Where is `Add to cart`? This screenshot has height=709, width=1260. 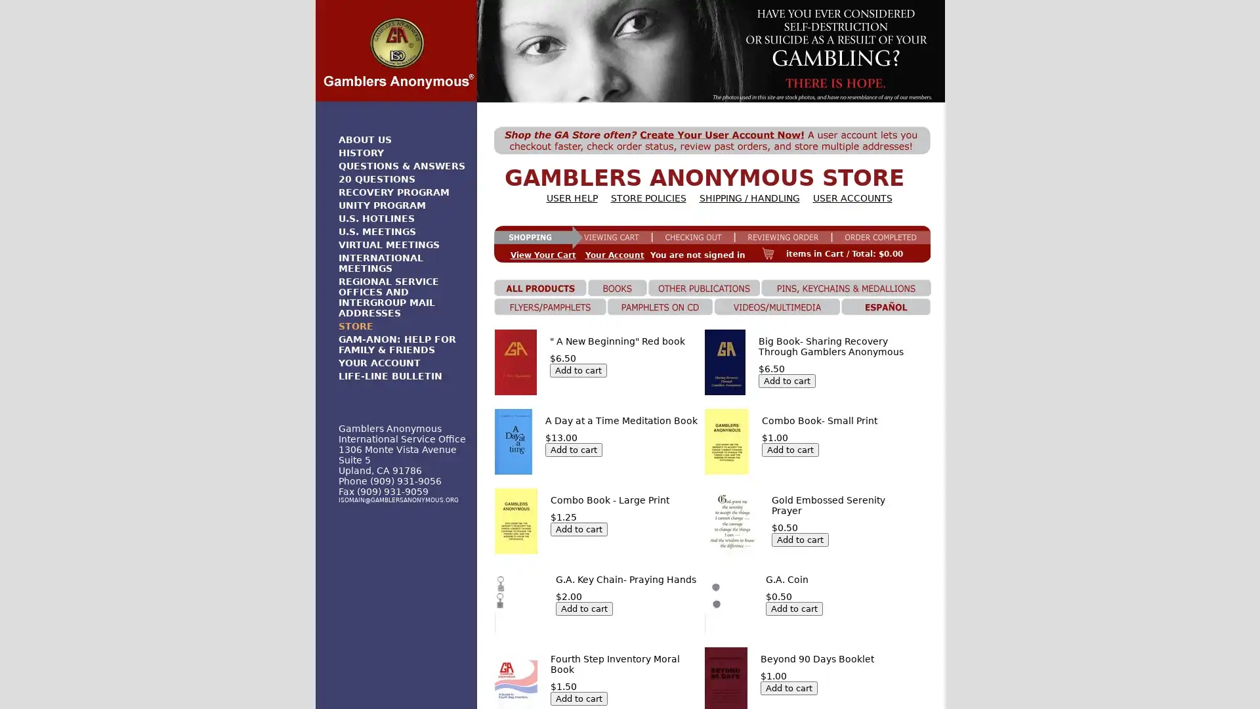
Add to cart is located at coordinates (573, 448).